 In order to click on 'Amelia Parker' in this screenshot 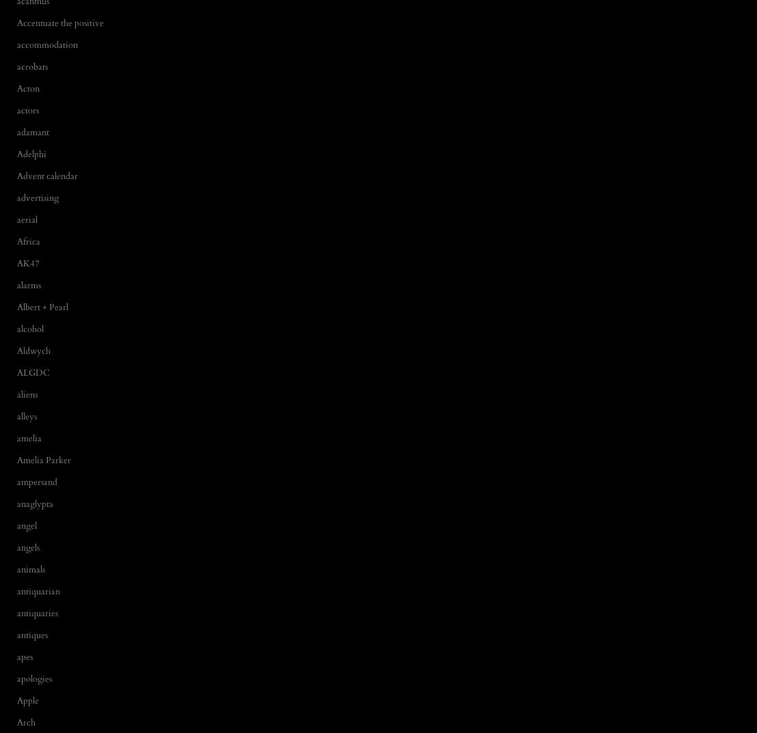, I will do `click(43, 459)`.